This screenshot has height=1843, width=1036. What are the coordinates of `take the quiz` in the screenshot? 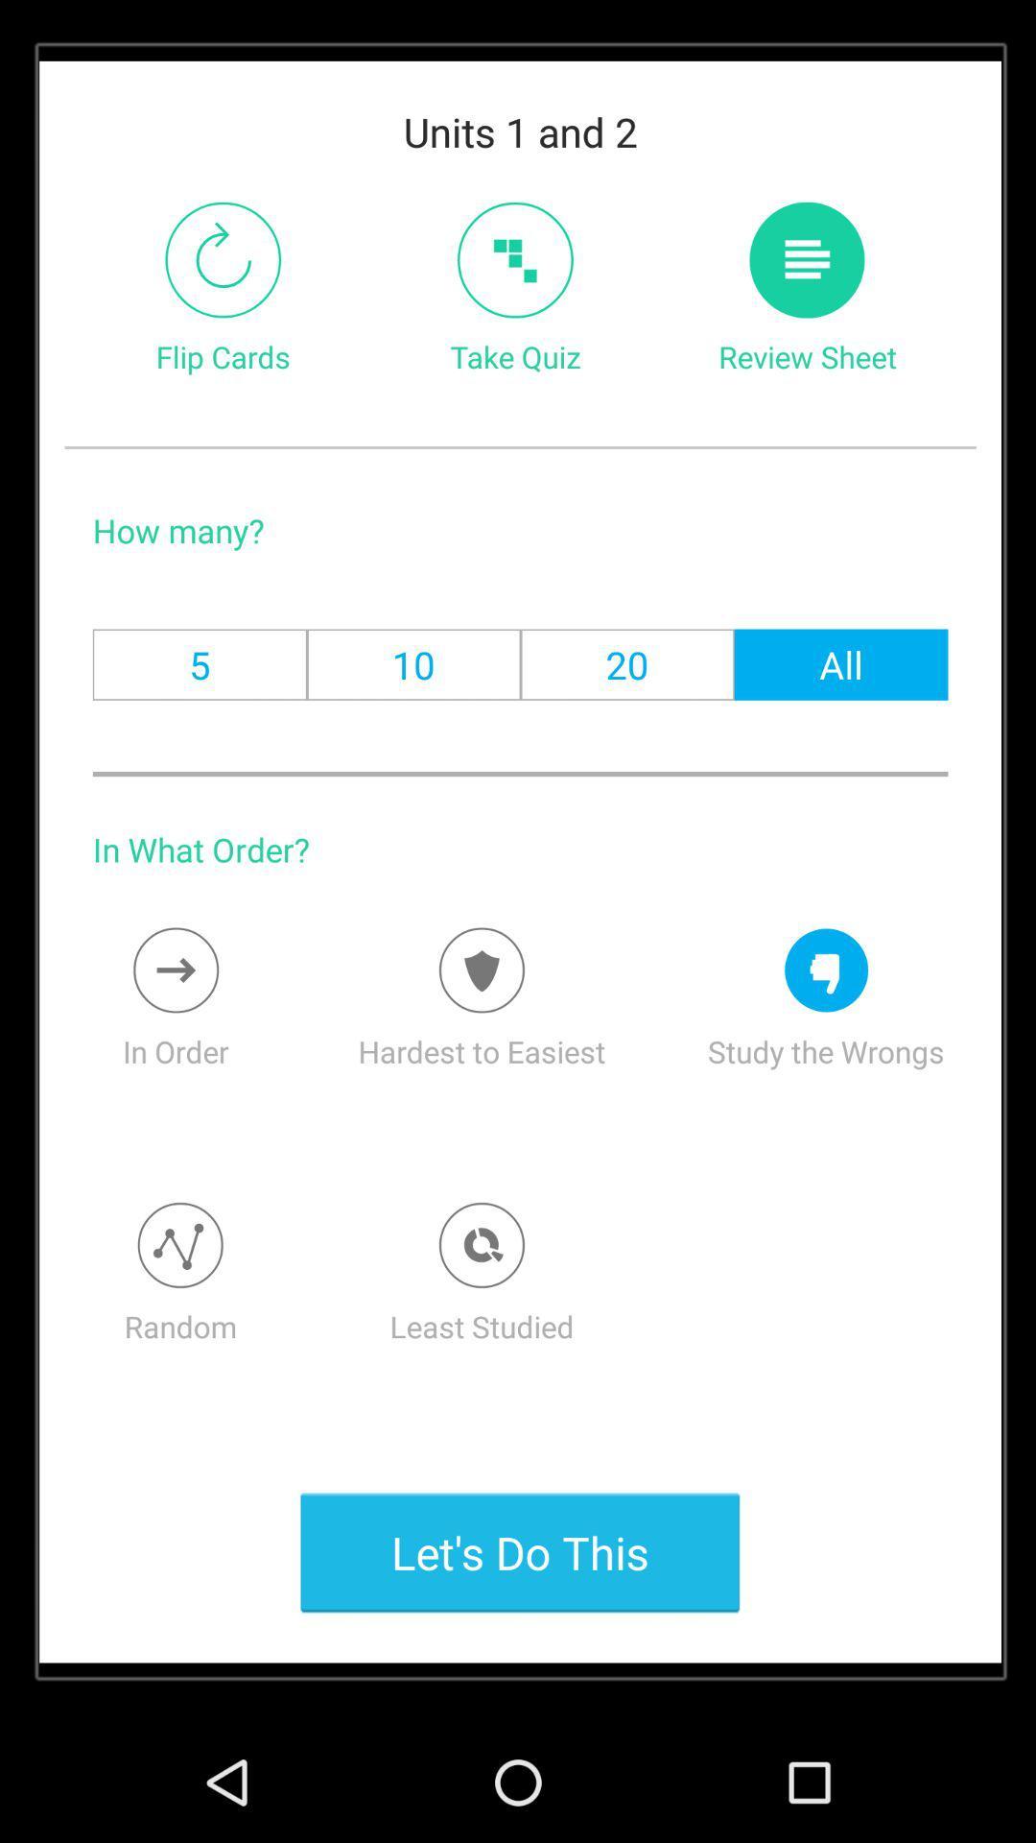 It's located at (514, 259).